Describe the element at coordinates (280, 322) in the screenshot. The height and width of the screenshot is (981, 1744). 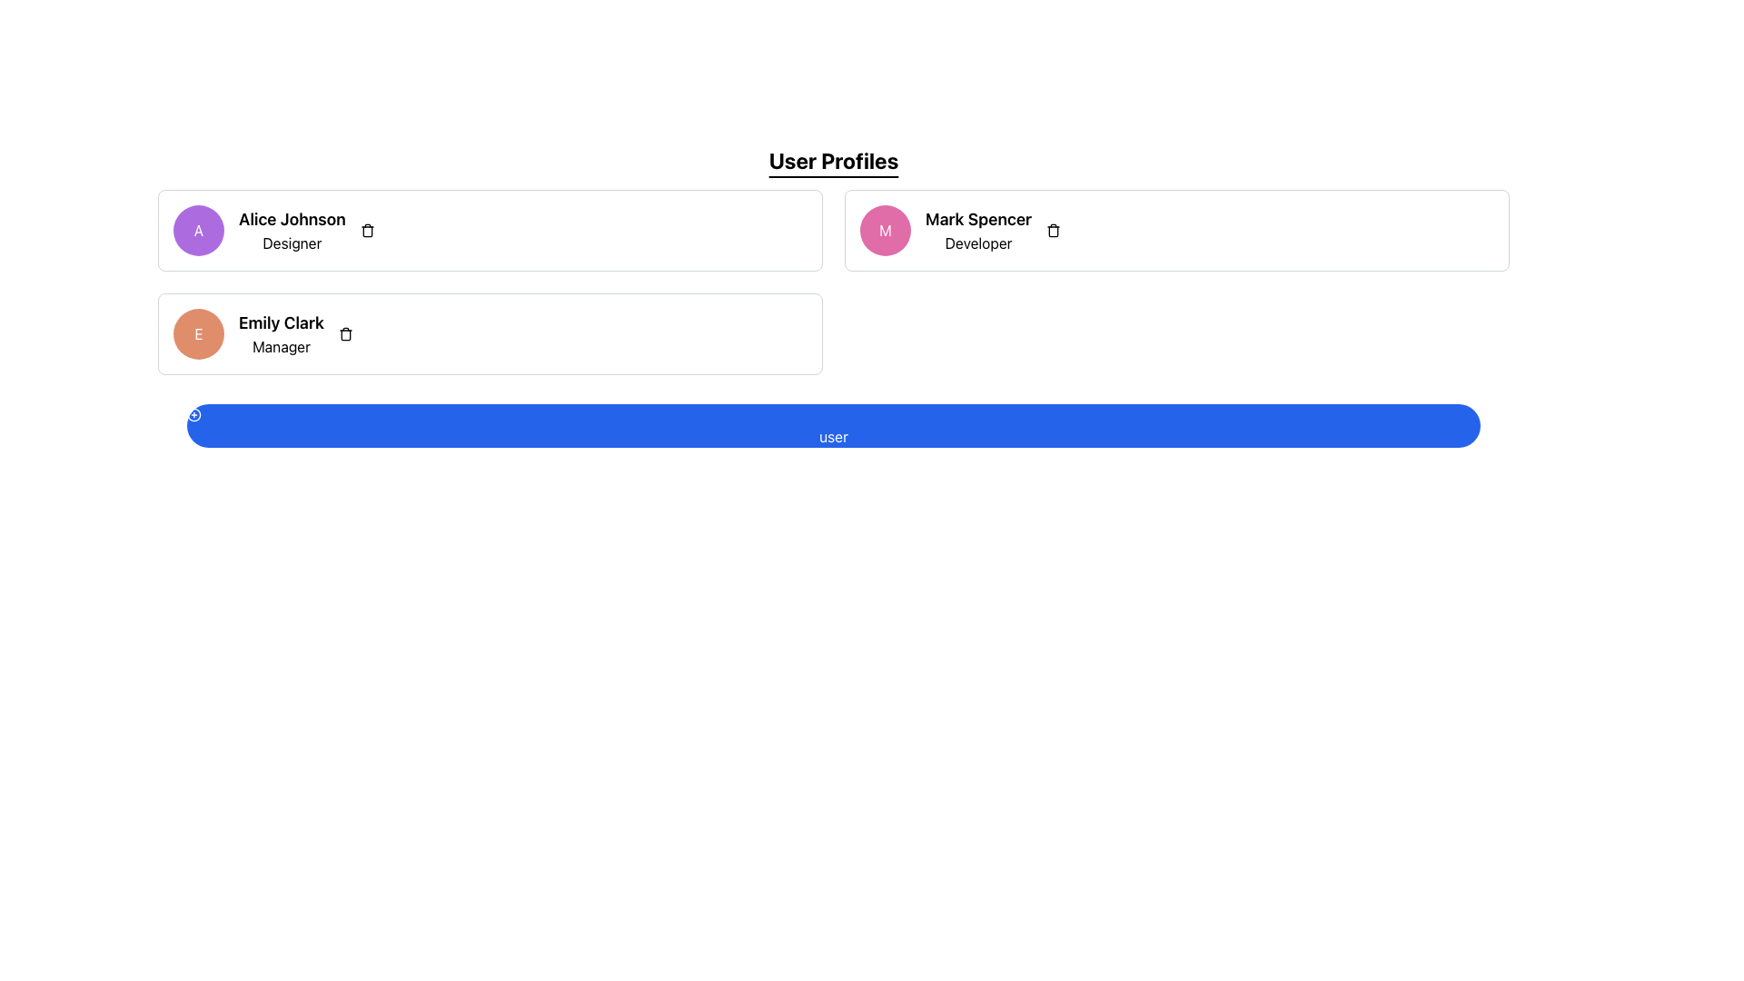
I see `the text label displaying 'Emily Clark', which is bold and larger than surrounding text, positioned in the second row of the user list card, adjacent to the circular avatar with 'E' and above the 'Manager' text` at that location.